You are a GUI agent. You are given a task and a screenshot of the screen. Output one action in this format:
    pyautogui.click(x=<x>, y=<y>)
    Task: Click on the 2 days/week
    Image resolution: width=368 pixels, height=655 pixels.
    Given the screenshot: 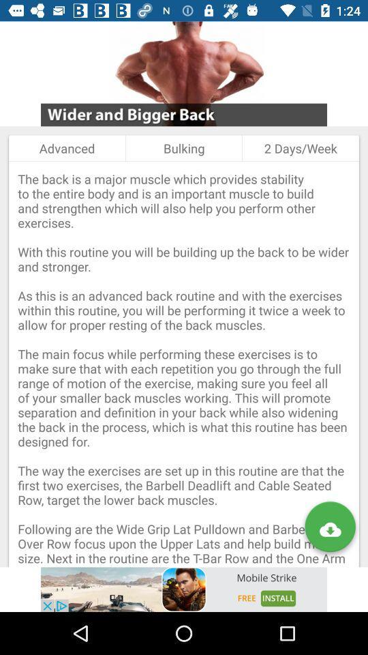 What is the action you would take?
    pyautogui.click(x=301, y=148)
    